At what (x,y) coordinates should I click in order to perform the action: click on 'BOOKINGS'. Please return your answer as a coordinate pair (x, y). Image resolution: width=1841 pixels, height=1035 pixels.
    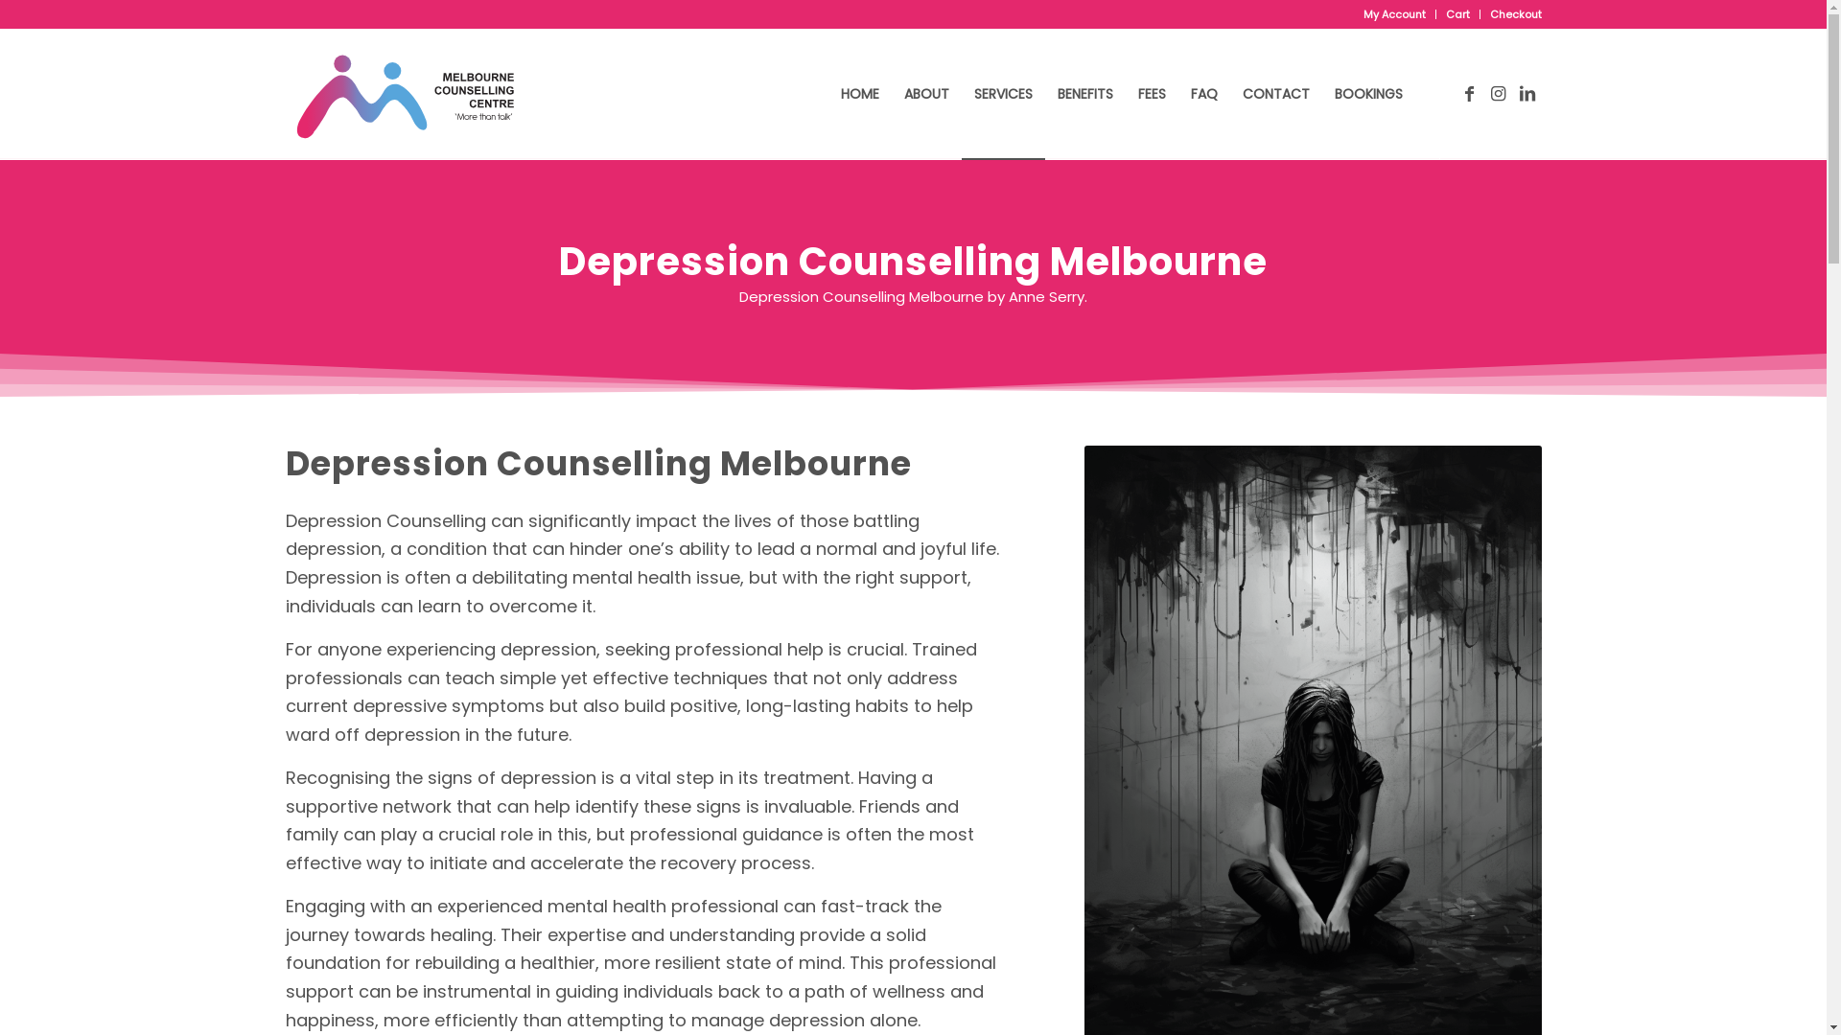
    Looking at the image, I should click on (1366, 94).